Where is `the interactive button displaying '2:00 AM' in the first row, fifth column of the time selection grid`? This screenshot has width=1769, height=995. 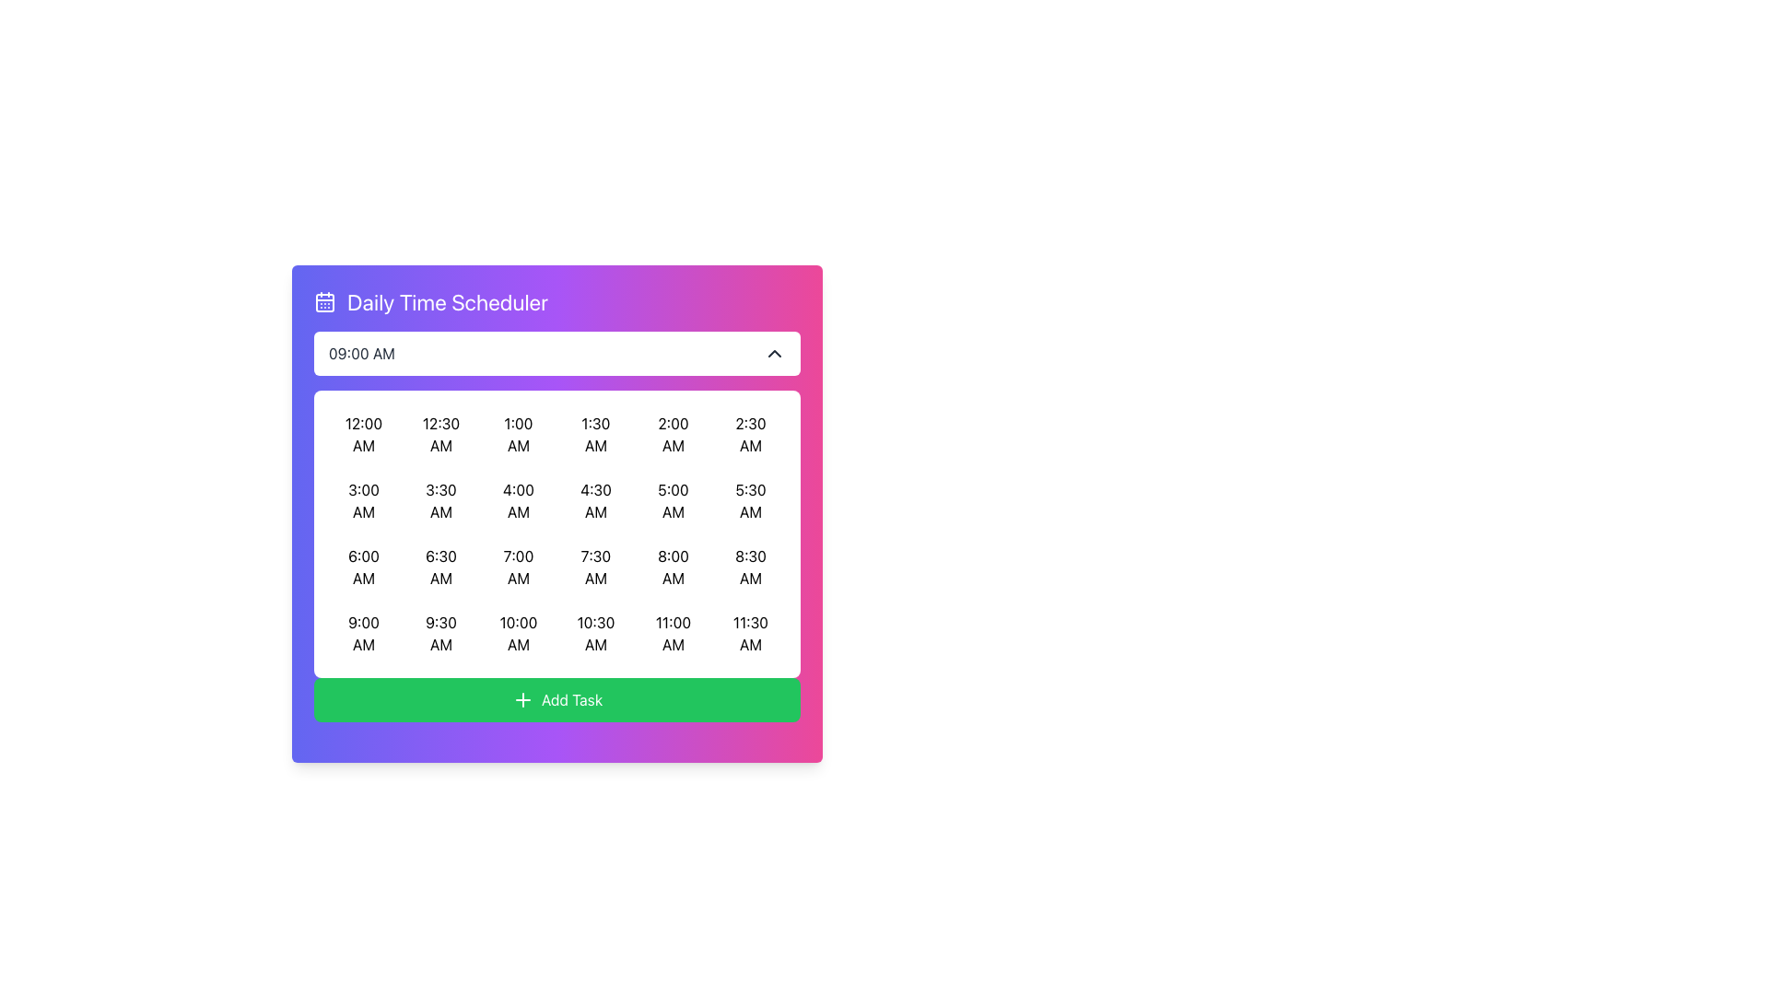 the interactive button displaying '2:00 AM' in the first row, fifth column of the time selection grid is located at coordinates (672, 434).